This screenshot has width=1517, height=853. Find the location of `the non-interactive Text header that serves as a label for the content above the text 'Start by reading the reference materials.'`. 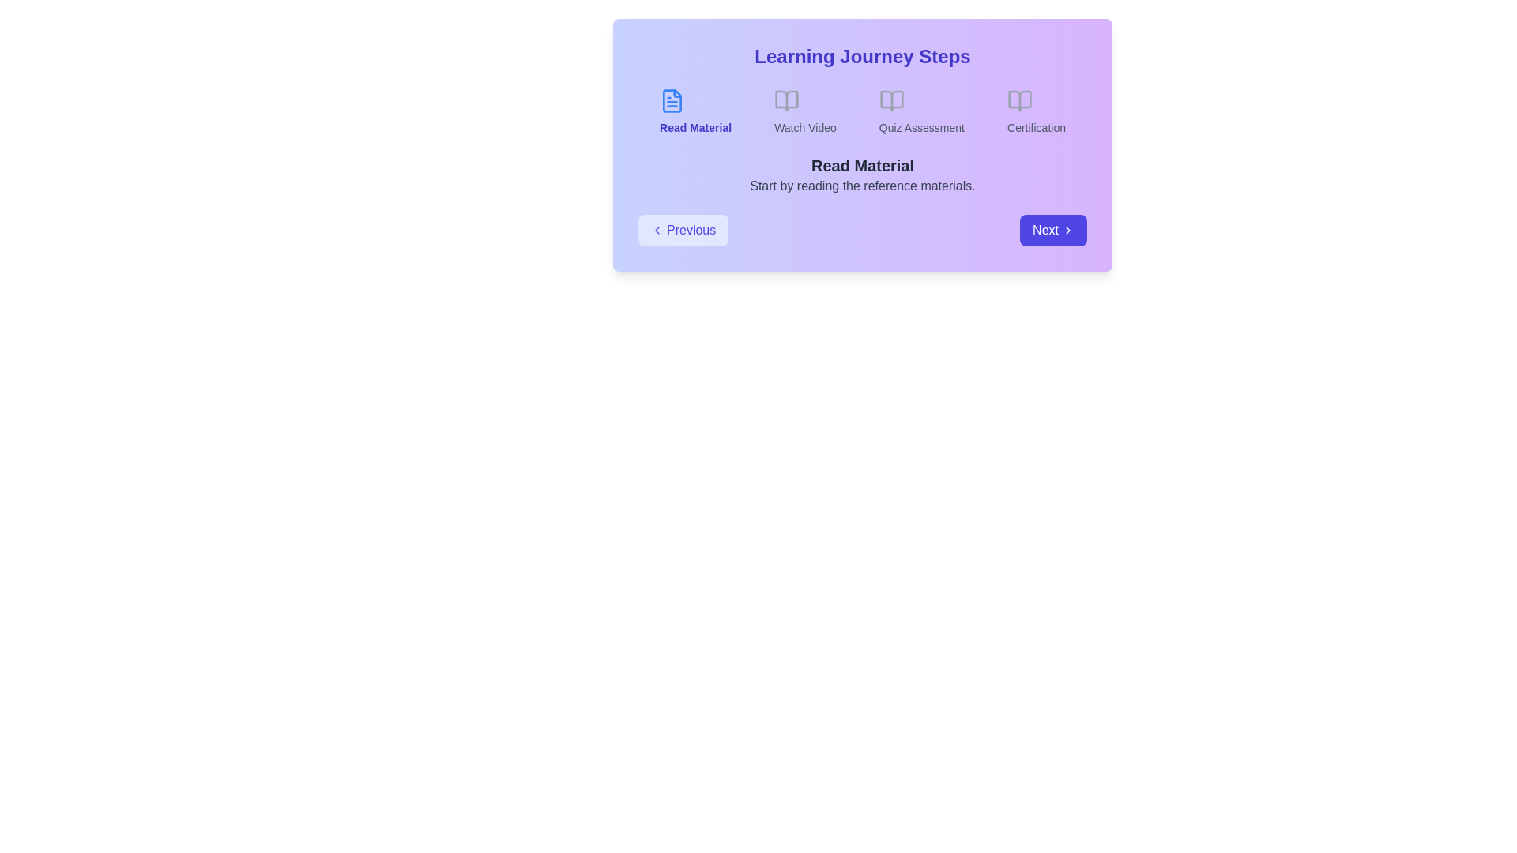

the non-interactive Text header that serves as a label for the content above the text 'Start by reading the reference materials.' is located at coordinates (861, 165).